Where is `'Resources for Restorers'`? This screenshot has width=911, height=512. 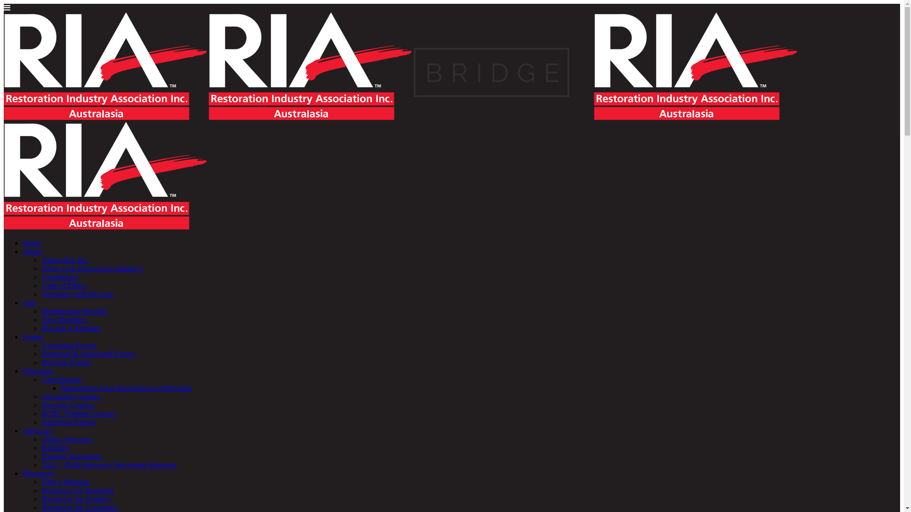
'Resources for Restorers' is located at coordinates (78, 490).